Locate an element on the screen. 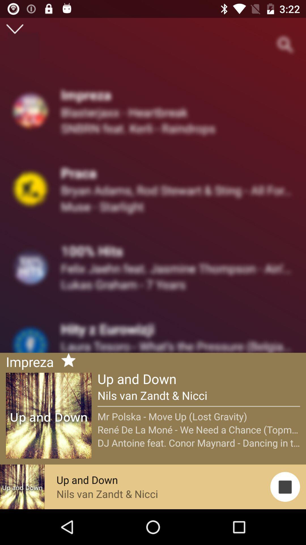 This screenshot has width=306, height=545. the item is located at coordinates (66, 361).